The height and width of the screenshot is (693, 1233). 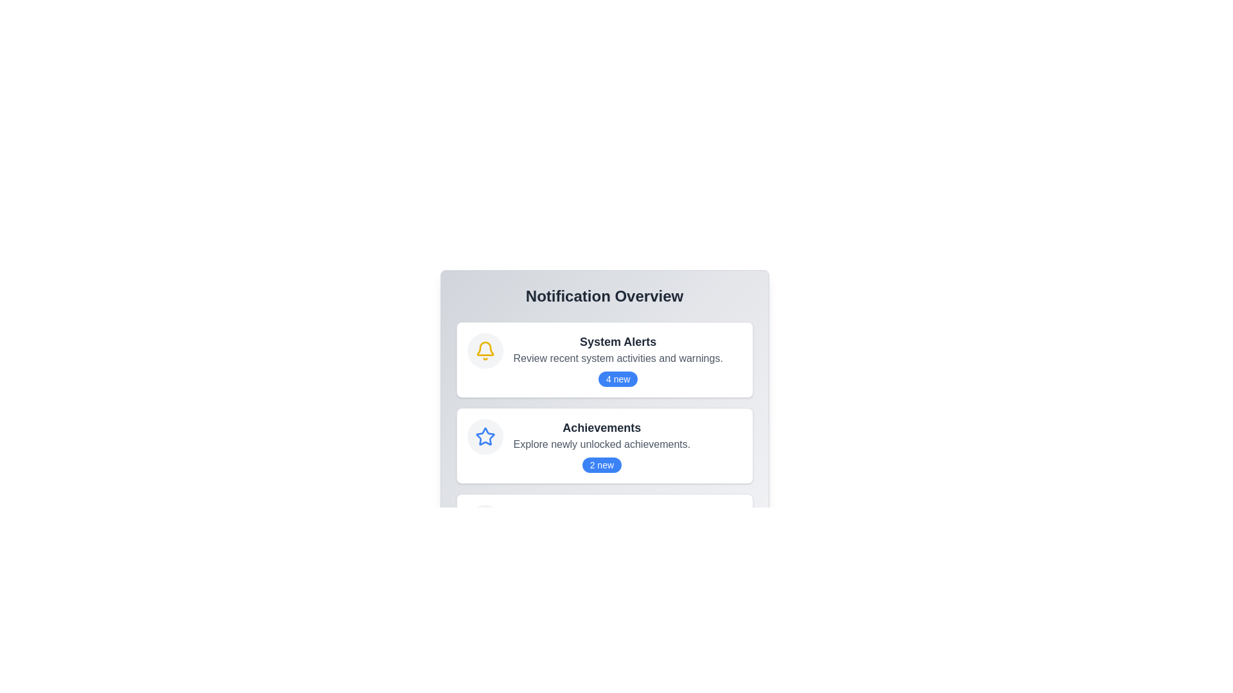 What do you see at coordinates (484, 436) in the screenshot?
I see `the star icon located on the right-hand side of the 'Achievements' section in the notifications list, which denotes an achievement-related notification` at bounding box center [484, 436].